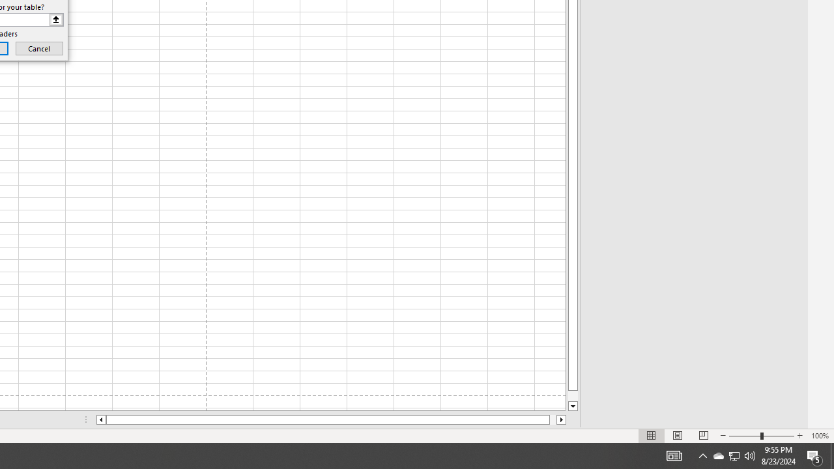 This screenshot has height=469, width=834. I want to click on 'Zoom In', so click(799, 436).